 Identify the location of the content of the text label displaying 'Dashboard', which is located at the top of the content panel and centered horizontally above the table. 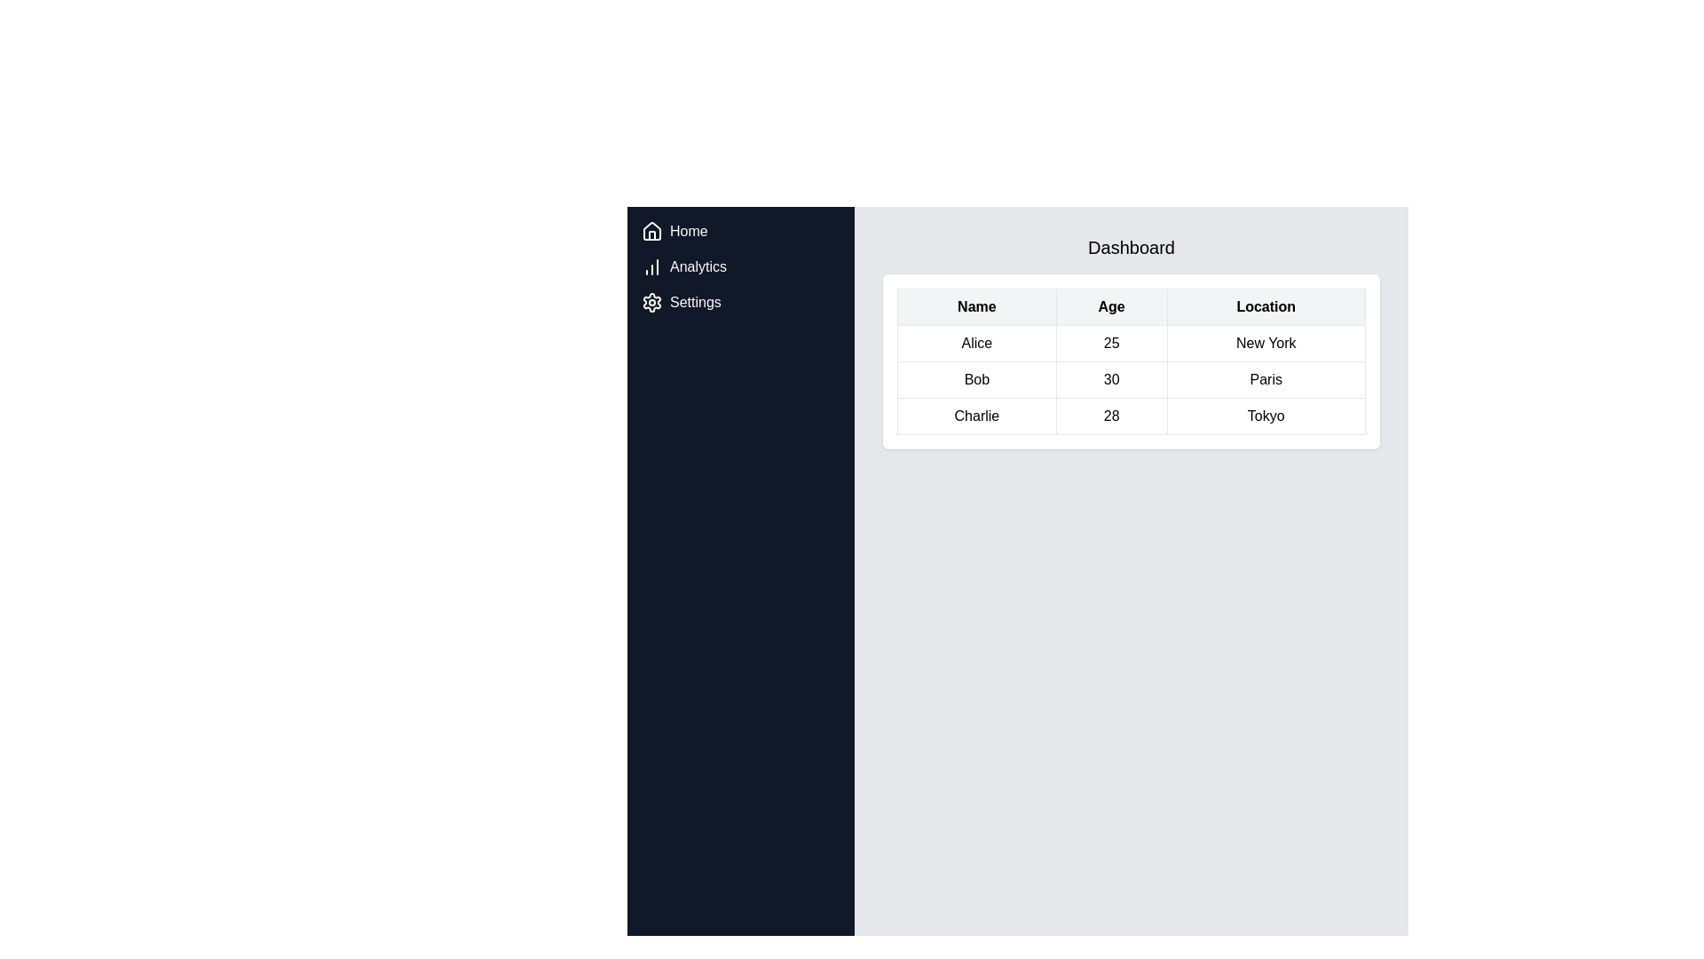
(1131, 247).